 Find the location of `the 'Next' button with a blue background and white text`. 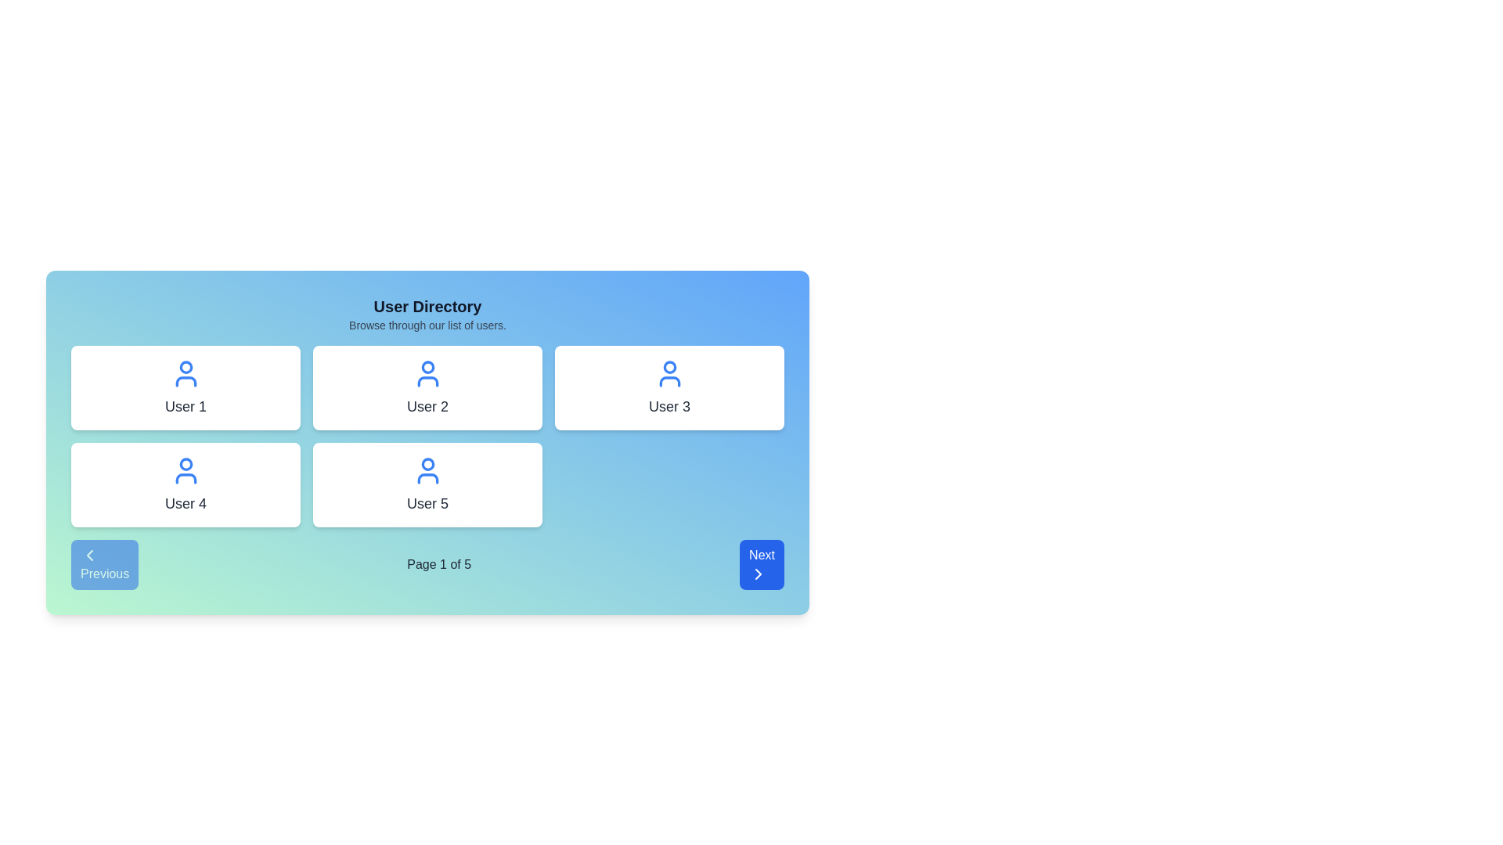

the 'Next' button with a blue background and white text is located at coordinates (762, 564).